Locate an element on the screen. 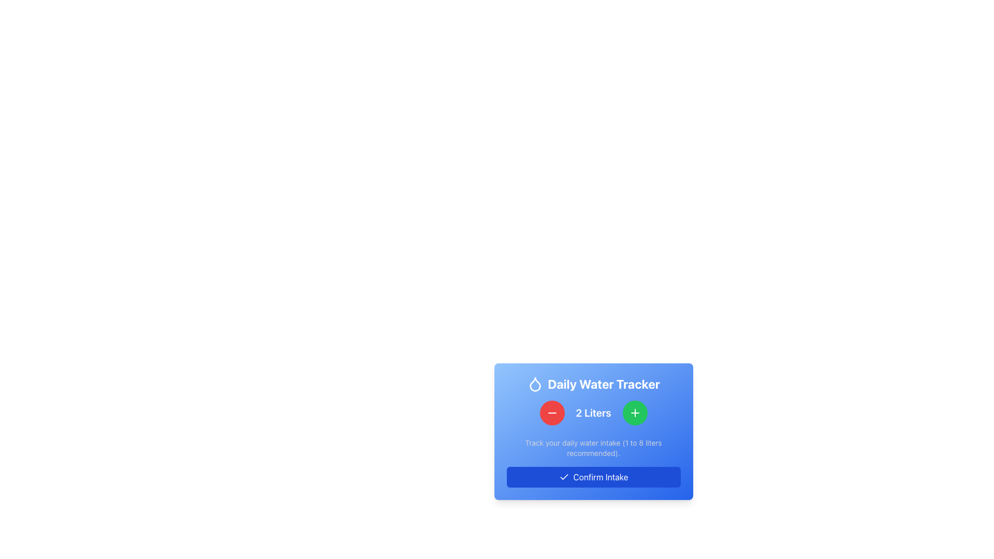 The height and width of the screenshot is (559, 994). the water droplet icon located near the top left within the blue panel titled 'Daily Water Tracker', positioned to the left of the title text is located at coordinates (535, 384).